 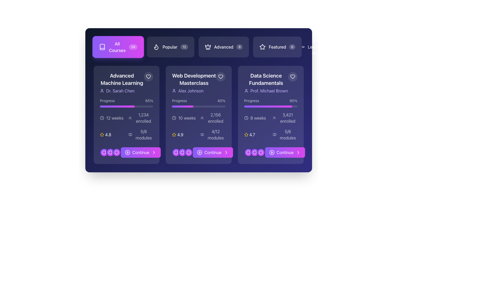 I want to click on the circular heart-shaped button in the top-right corner of the 'Advanced Machine Learning' course card to mark it as favorite, so click(x=148, y=77).